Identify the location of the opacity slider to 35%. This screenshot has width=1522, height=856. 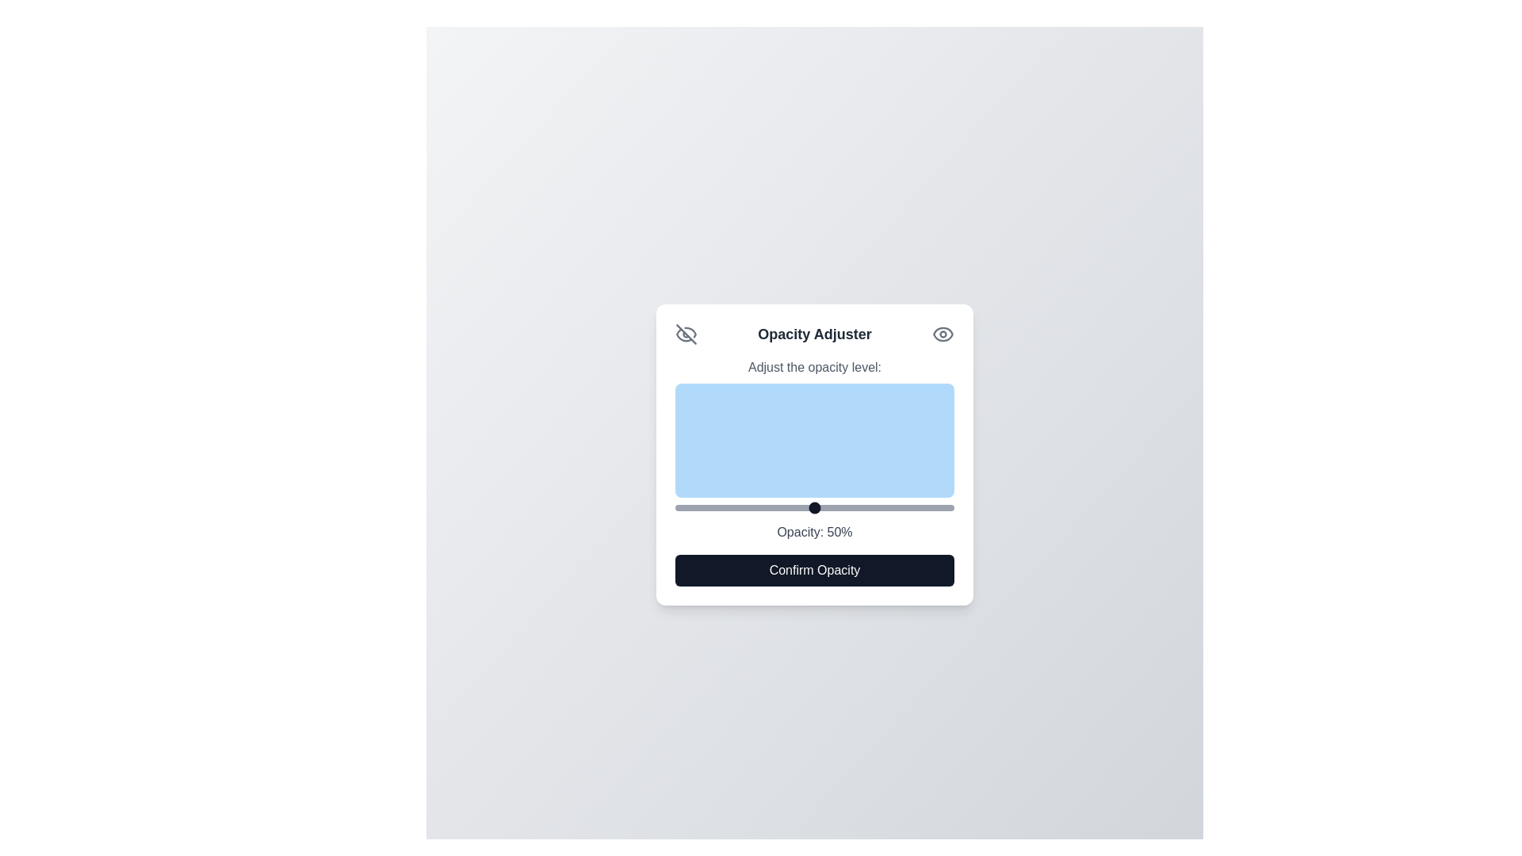
(773, 507).